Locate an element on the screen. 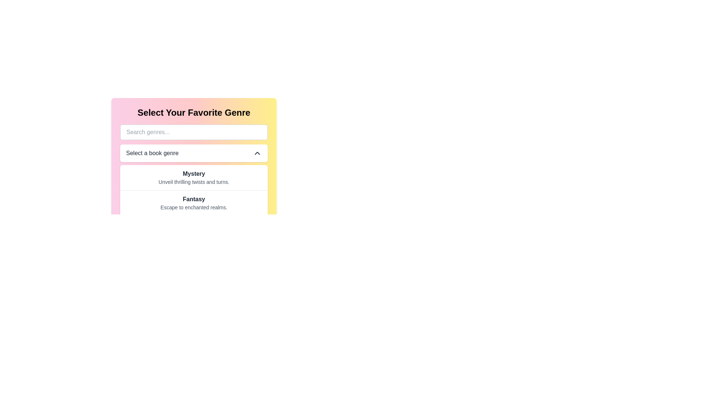 This screenshot has height=398, width=708. the dropdown menu that allows users to select a book genre, located directly below the 'Search genres...' input field is located at coordinates (194, 153).